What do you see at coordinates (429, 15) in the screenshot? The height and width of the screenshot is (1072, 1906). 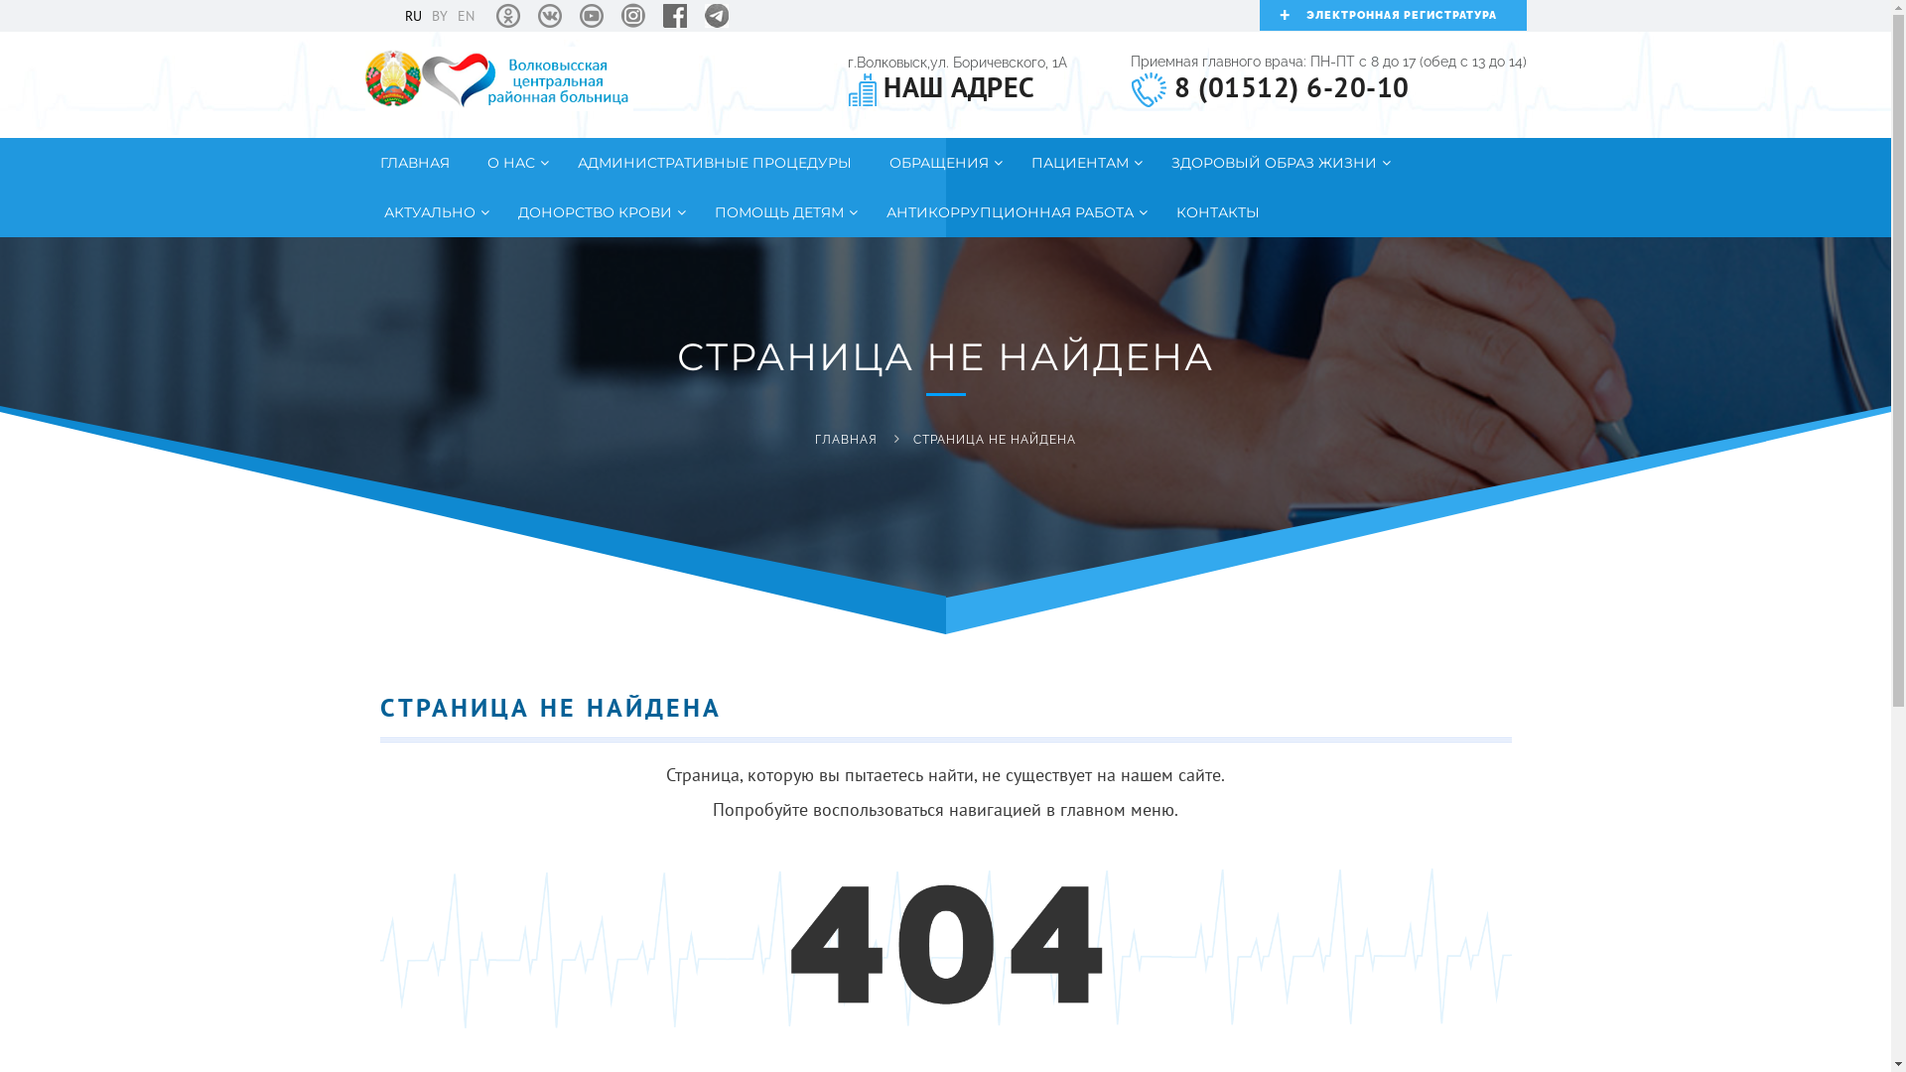 I see `'BY'` at bounding box center [429, 15].